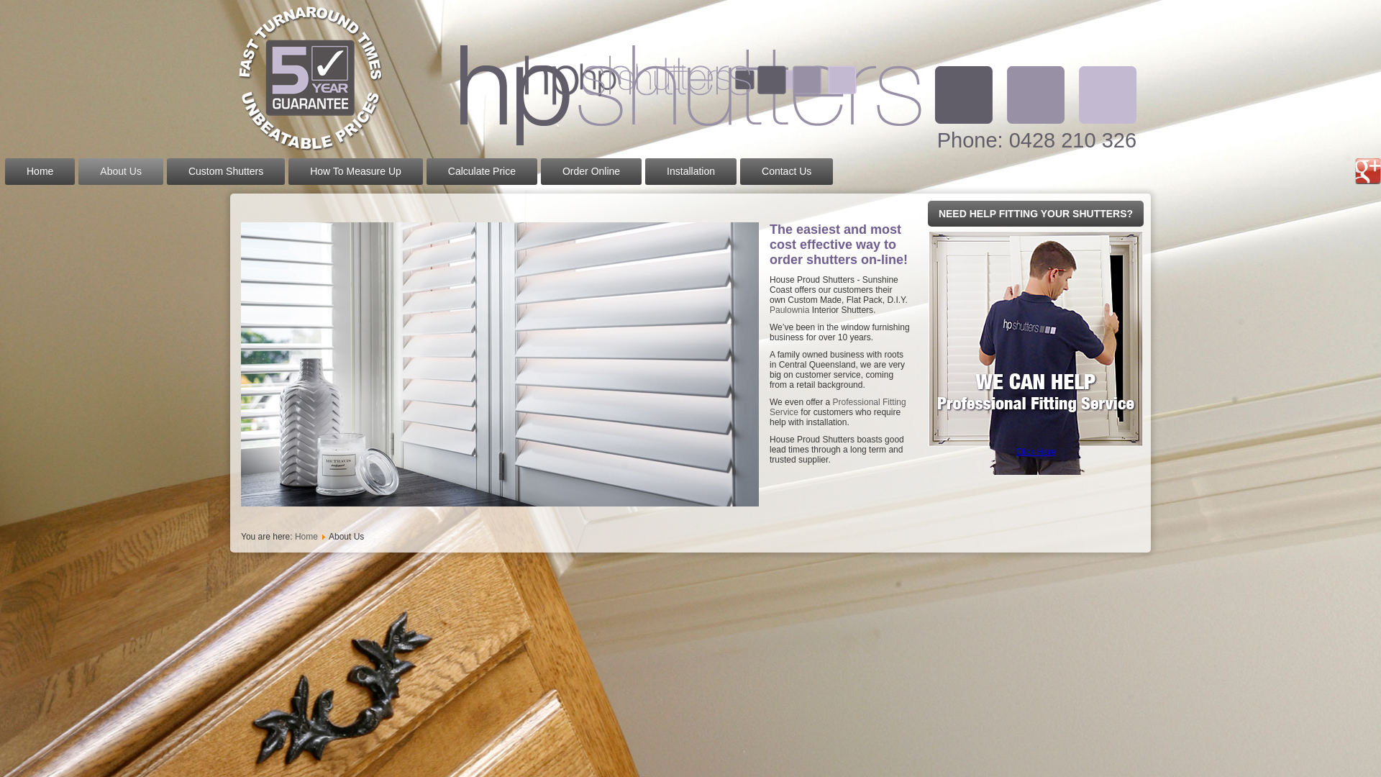 The image size is (1381, 777). Describe the element at coordinates (690, 171) in the screenshot. I see `'Installation'` at that location.